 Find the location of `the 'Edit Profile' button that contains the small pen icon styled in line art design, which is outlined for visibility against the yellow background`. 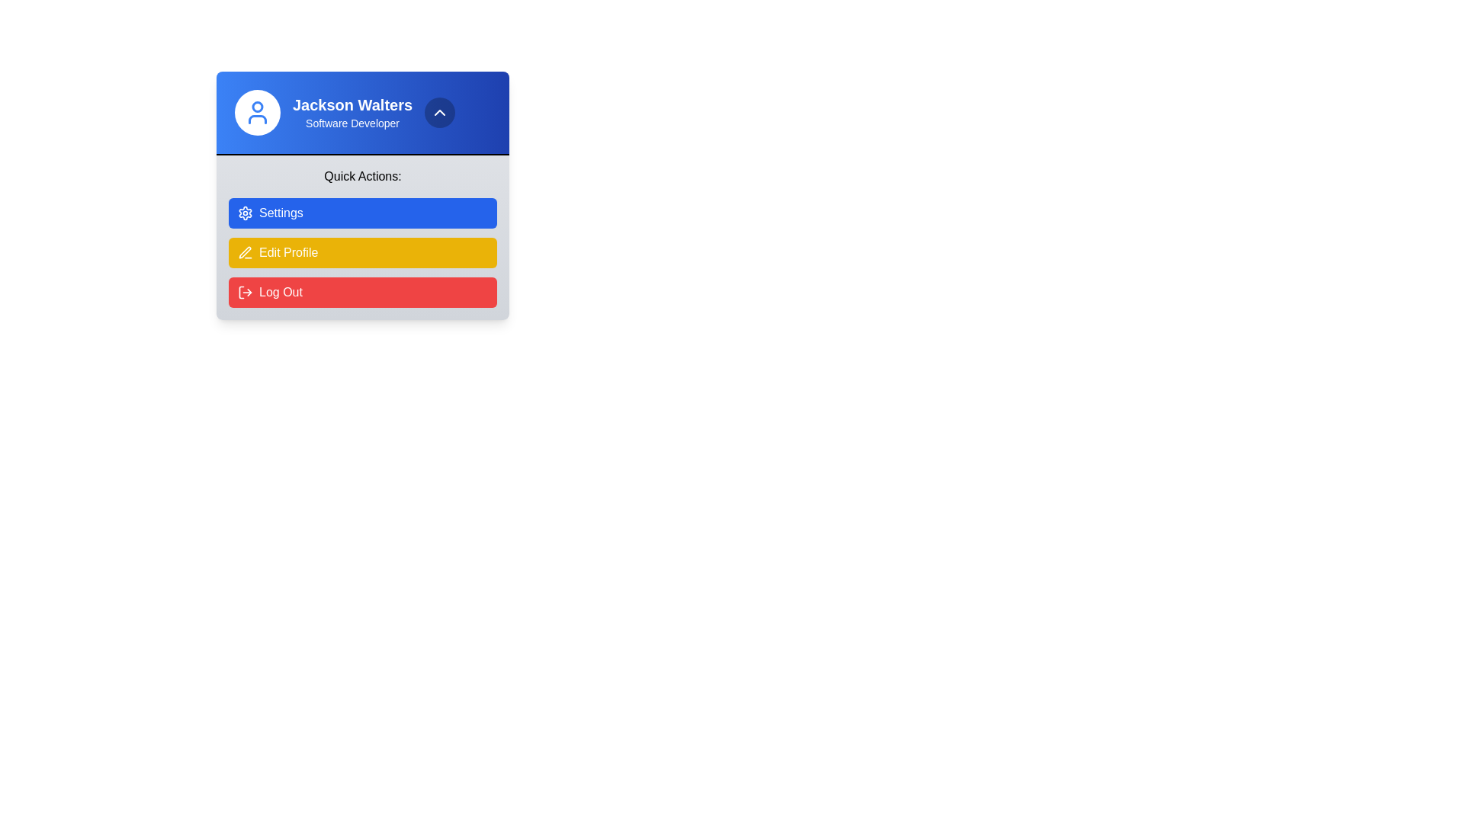

the 'Edit Profile' button that contains the small pen icon styled in line art design, which is outlined for visibility against the yellow background is located at coordinates (245, 251).